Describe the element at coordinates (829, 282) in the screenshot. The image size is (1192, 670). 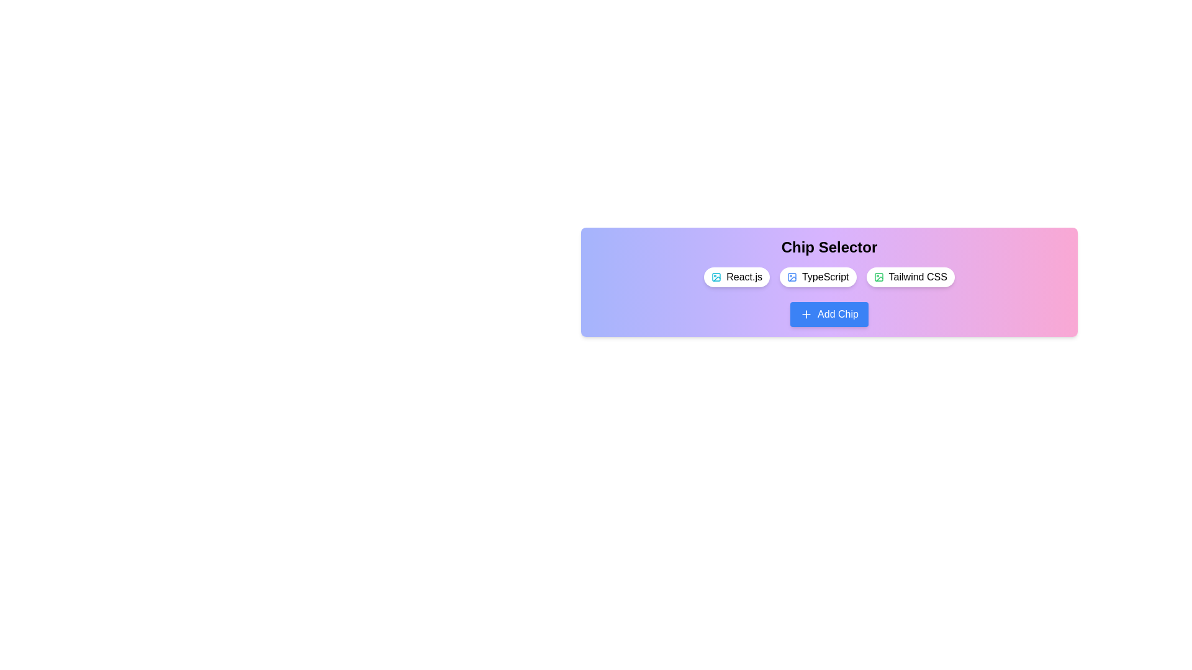
I see `the 'TypeScript' button, which is a rectangular button with a white background, black text, and a blue icon on the left, to trigger its hover state effect` at that location.